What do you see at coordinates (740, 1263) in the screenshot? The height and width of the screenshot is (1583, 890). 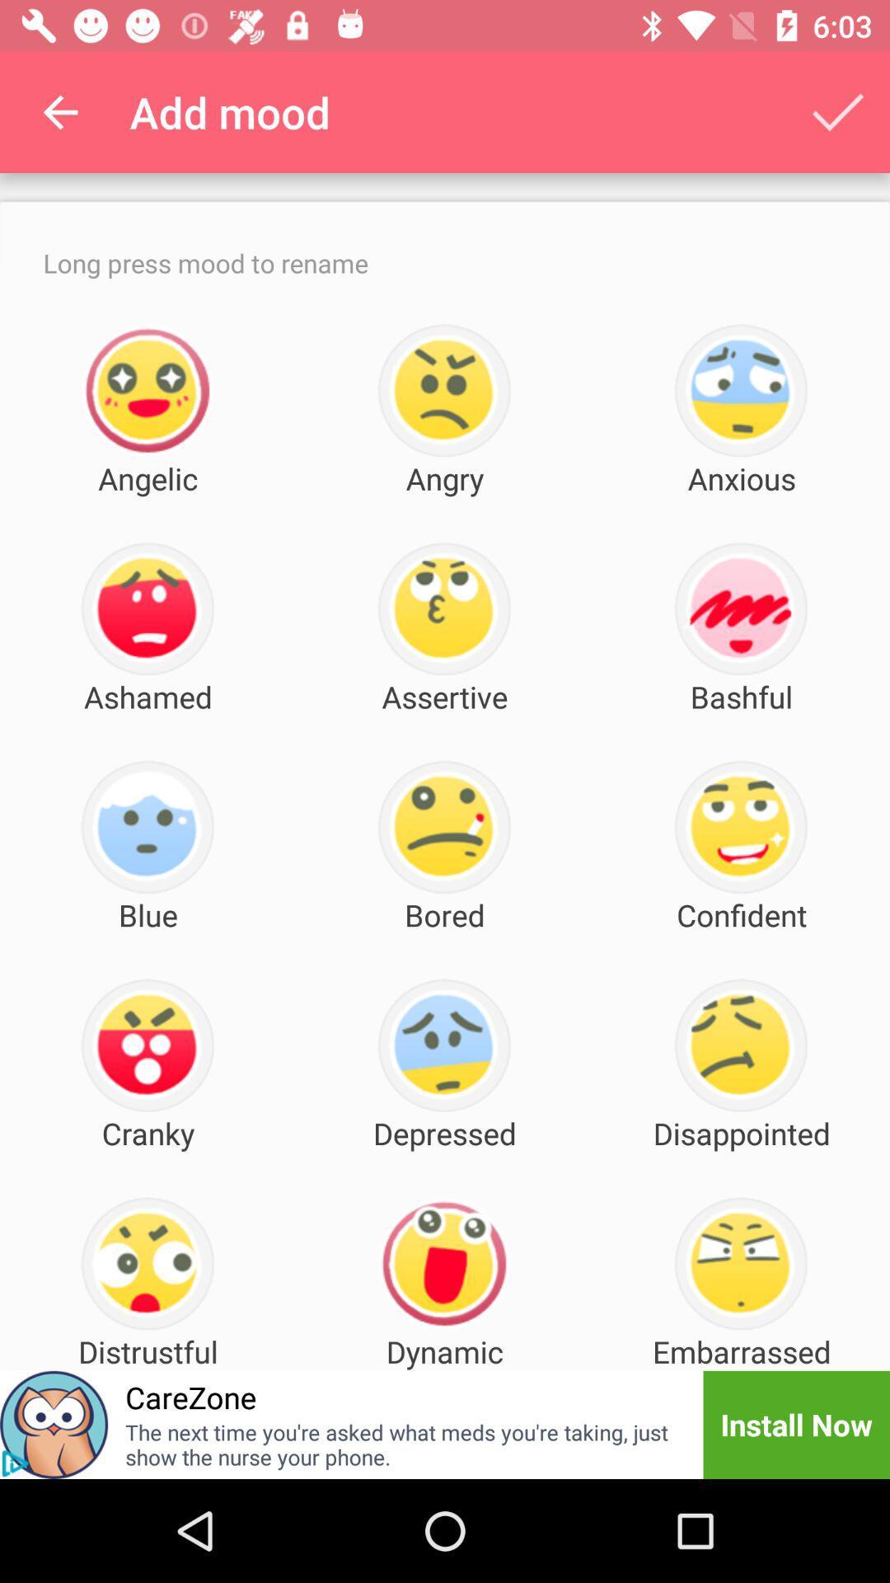 I see `the last emoji of the page` at bounding box center [740, 1263].